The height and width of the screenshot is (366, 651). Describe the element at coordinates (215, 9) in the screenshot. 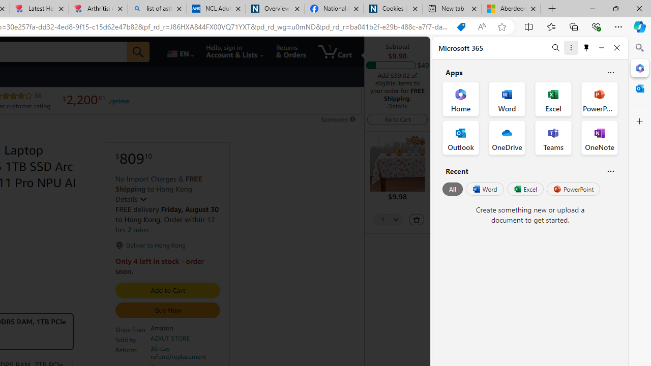

I see `'NCL Adult Asthma Inhaler Choice Guideline'` at that location.